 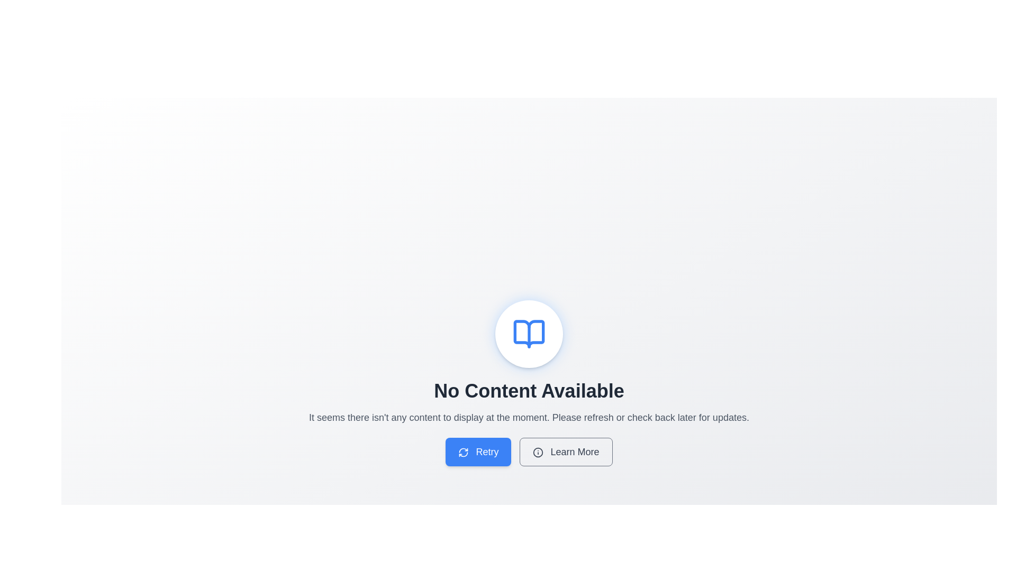 I want to click on the 'Retry' button located below the 'No Content Available' text, which is on the bottom left of the two options, adjacent to the 'Learn More' button, so click(x=464, y=452).